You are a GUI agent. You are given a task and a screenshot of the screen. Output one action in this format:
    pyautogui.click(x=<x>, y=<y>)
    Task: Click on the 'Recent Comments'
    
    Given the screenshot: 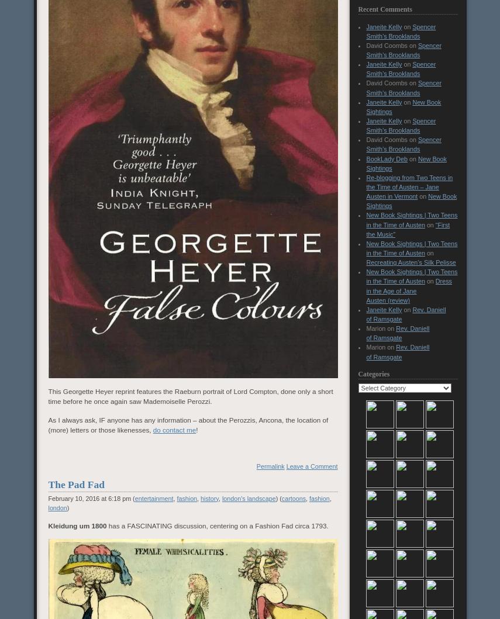 What is the action you would take?
    pyautogui.click(x=385, y=9)
    